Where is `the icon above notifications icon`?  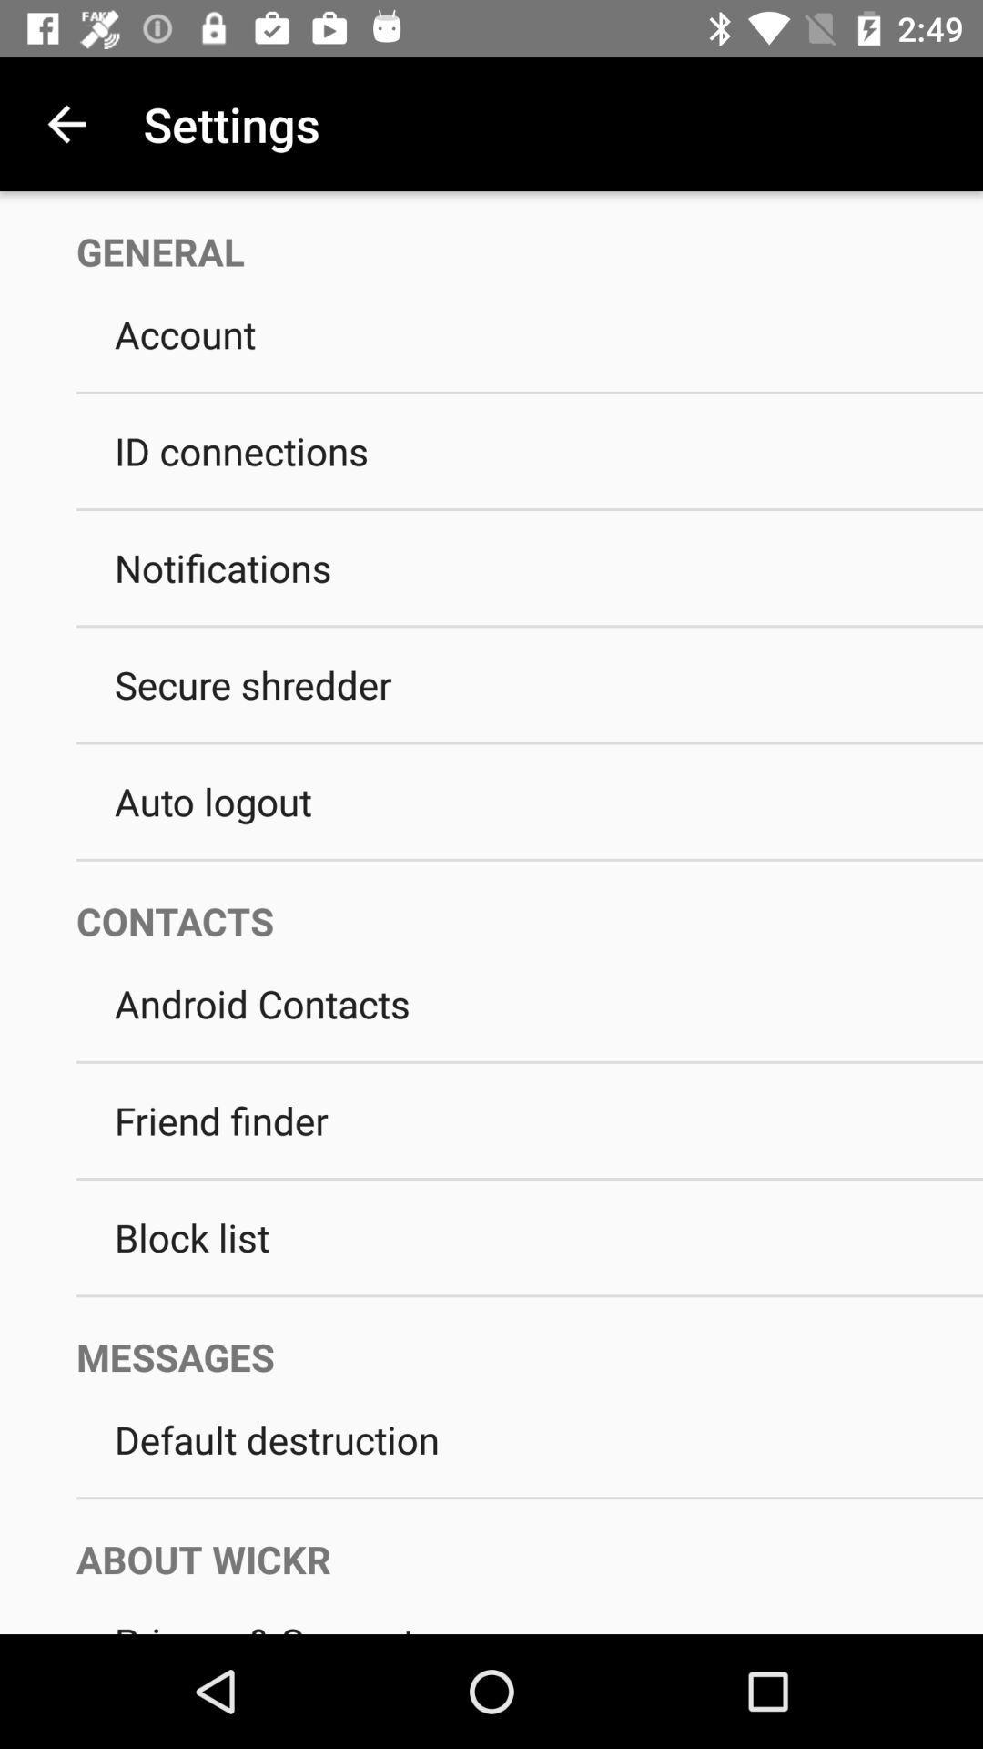
the icon above notifications icon is located at coordinates (530, 509).